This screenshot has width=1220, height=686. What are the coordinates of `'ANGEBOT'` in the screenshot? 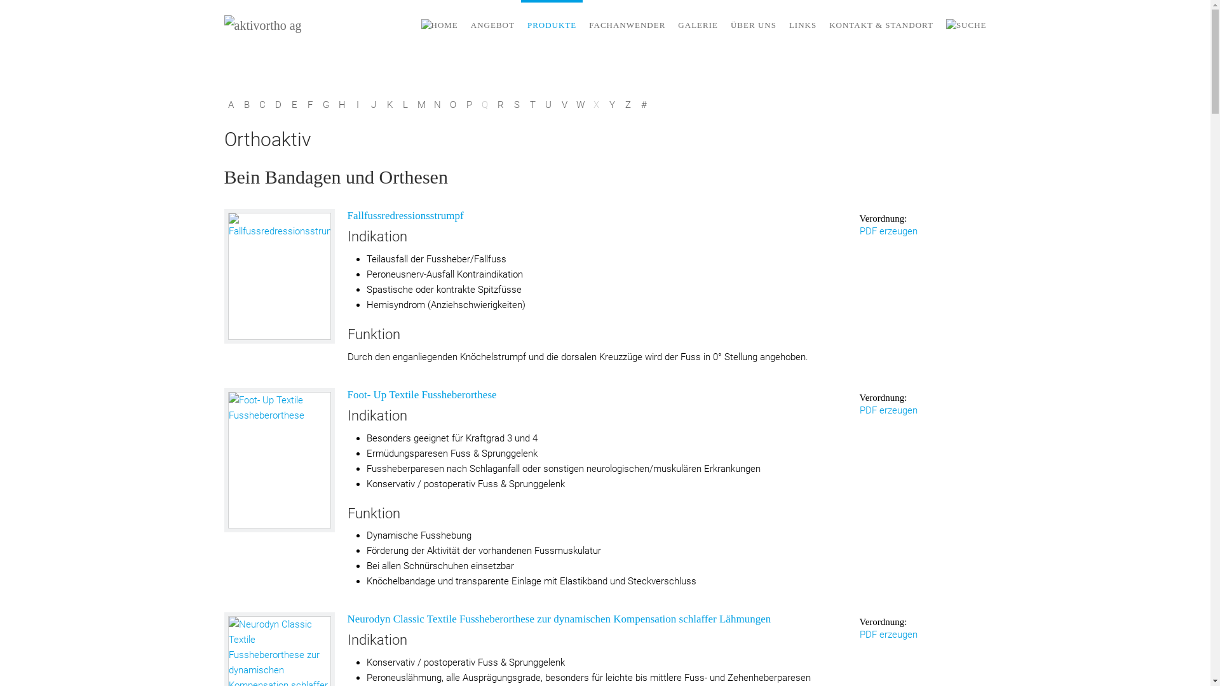 It's located at (492, 25).